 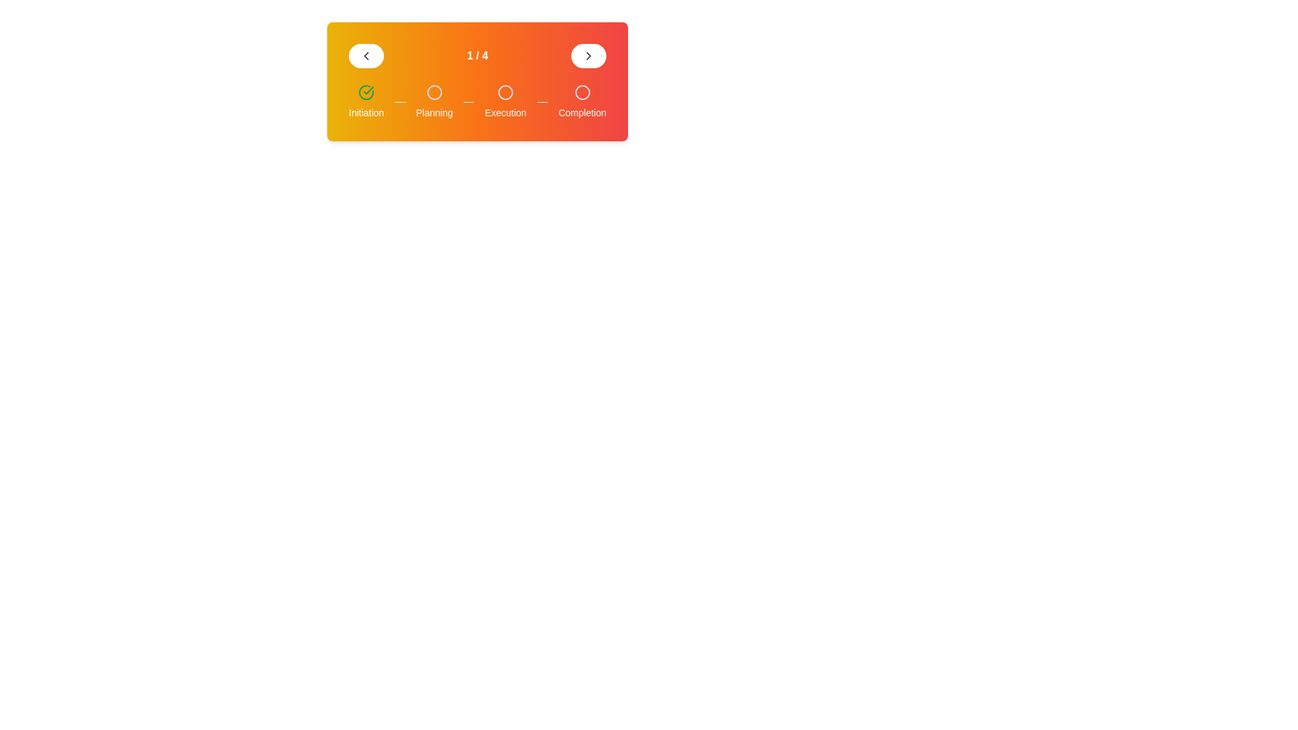 What do you see at coordinates (366, 92) in the screenshot?
I see `the progress indicator icon located at the top-left portion of the interface, which signals the completion of the 'Initiation' phase` at bounding box center [366, 92].